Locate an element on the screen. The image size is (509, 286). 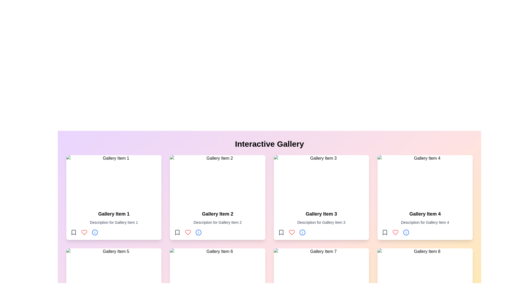
the heart-shaped icon button outlined in red, located in the bottom section of the card labeled 'Gallery Item 3', to like the item is located at coordinates (291, 232).